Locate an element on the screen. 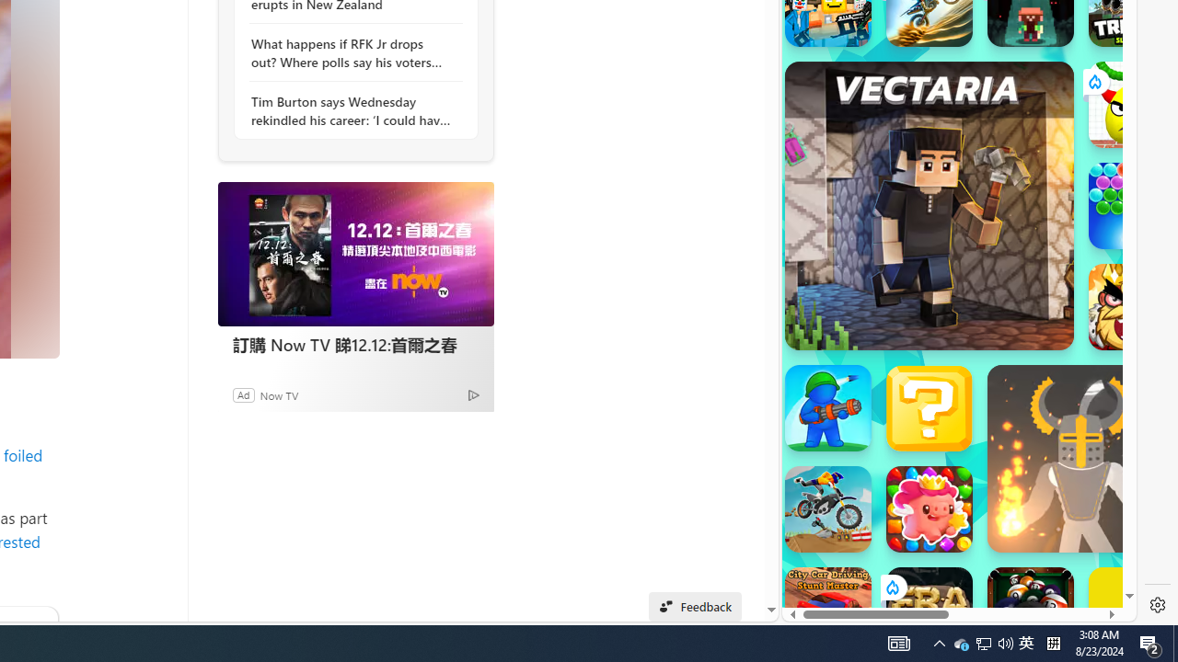  'Vectaria.io' is located at coordinates (929, 205).